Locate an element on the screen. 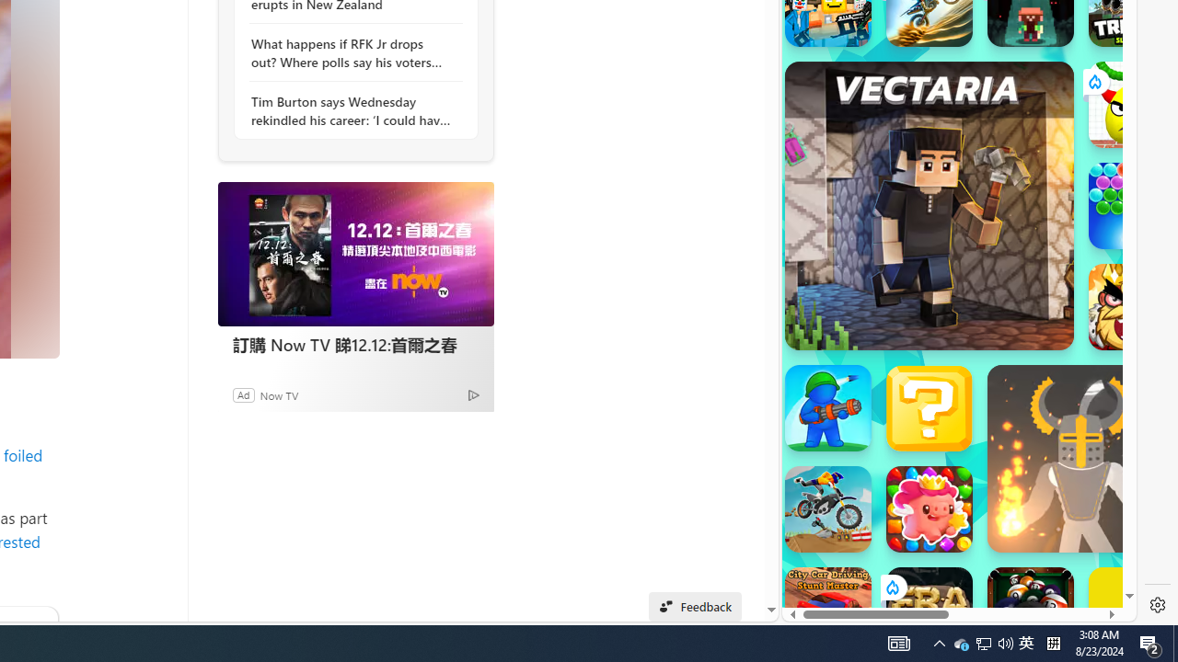  'Vectaria.io' is located at coordinates (929, 205).